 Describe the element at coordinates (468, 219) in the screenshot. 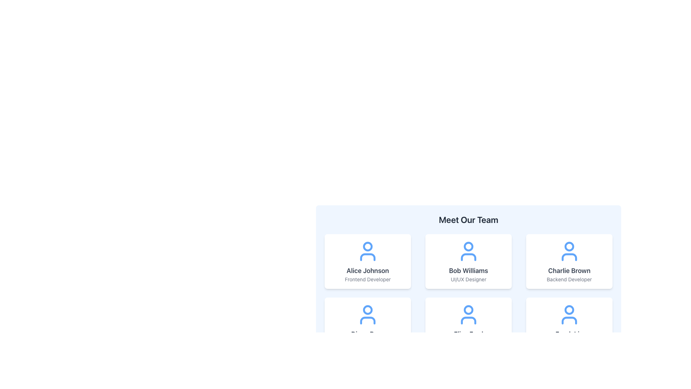

I see `text from the header labeled 'Meet Our Team', which is prominently displayed in a large bold font against a light background, positioned at the top of the team member profiles grid` at that location.